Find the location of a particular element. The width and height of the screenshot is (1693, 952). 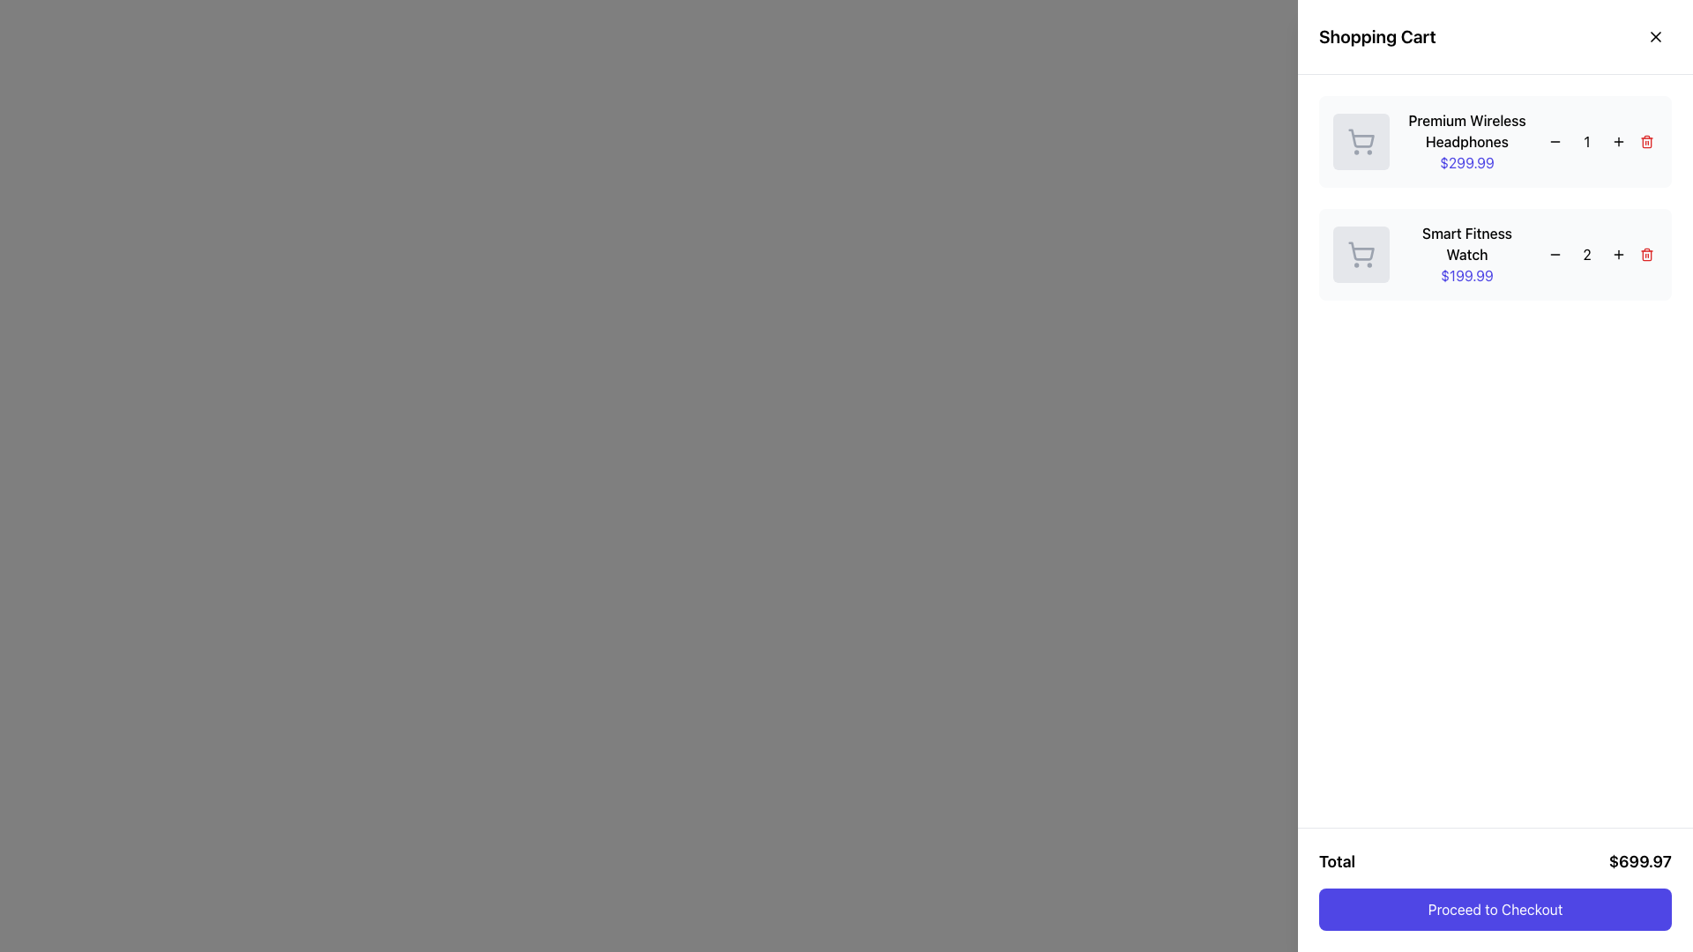

the shopping cart icon with a gray outline located next to the 'Premium Wireless Headphones' product in the shopping cart interface is located at coordinates (1361, 141).